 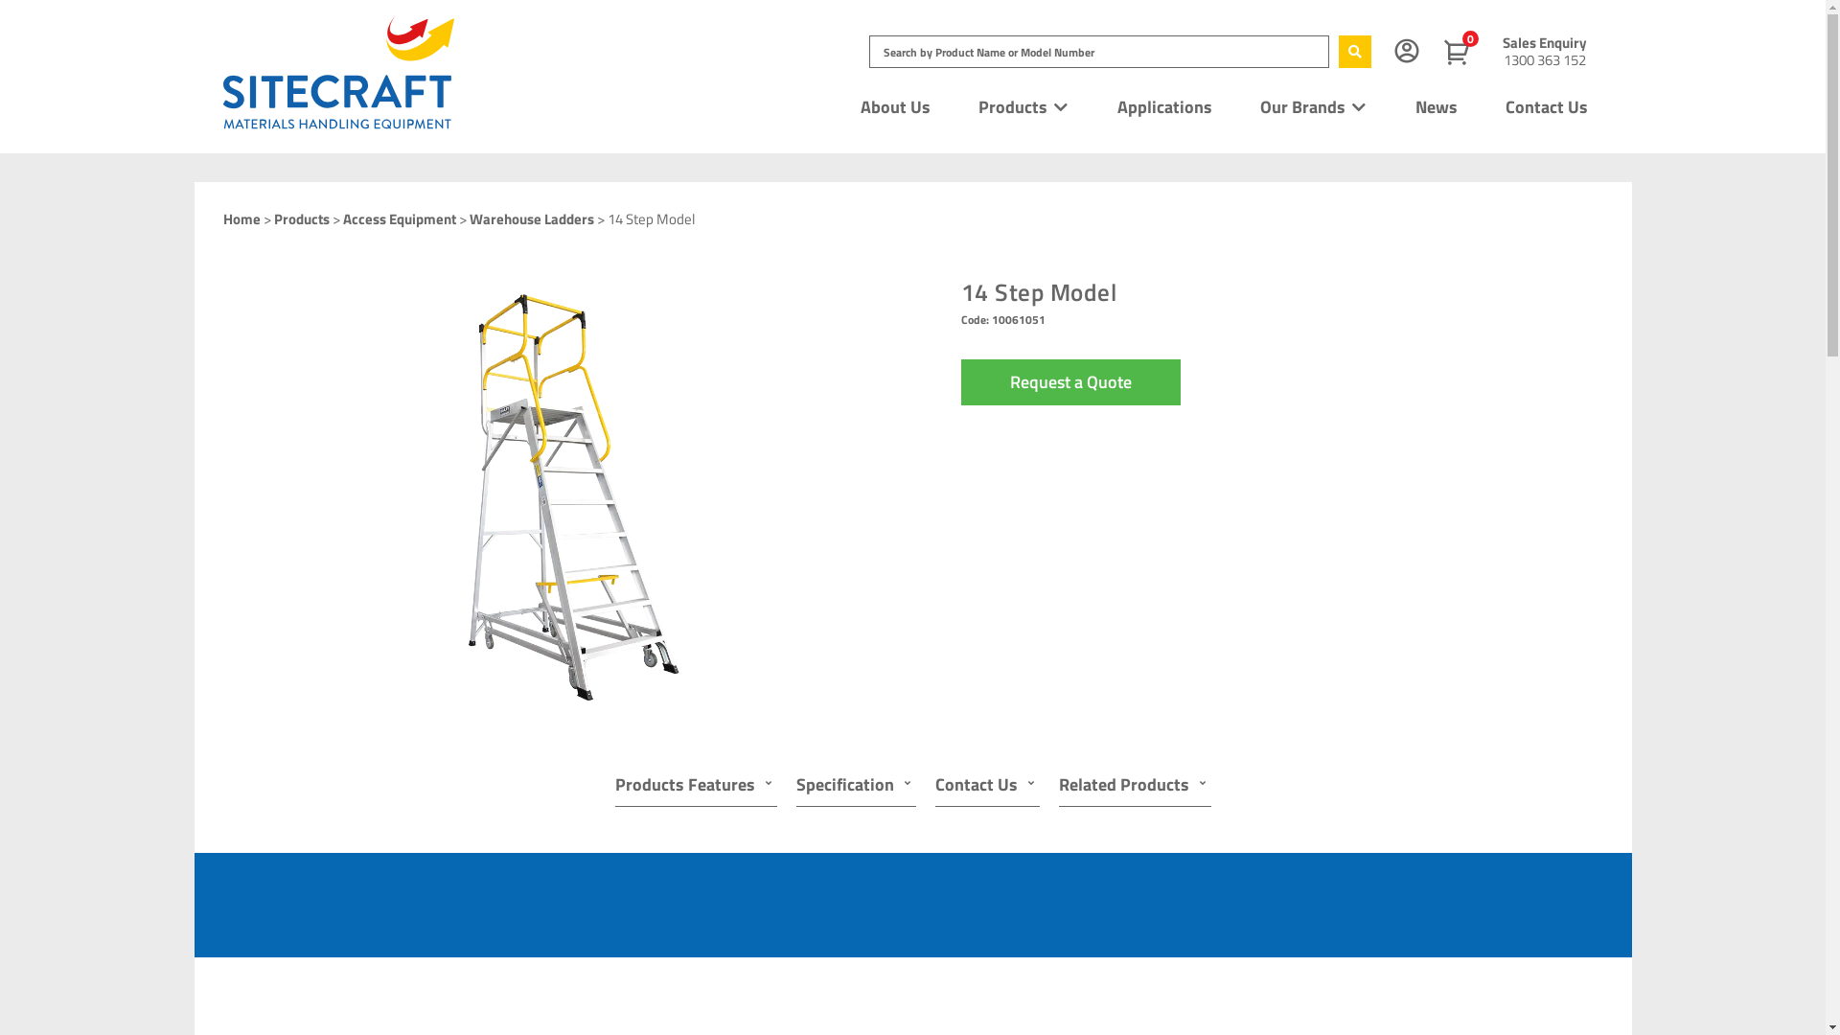 I want to click on 'Our Brands', so click(x=1260, y=106).